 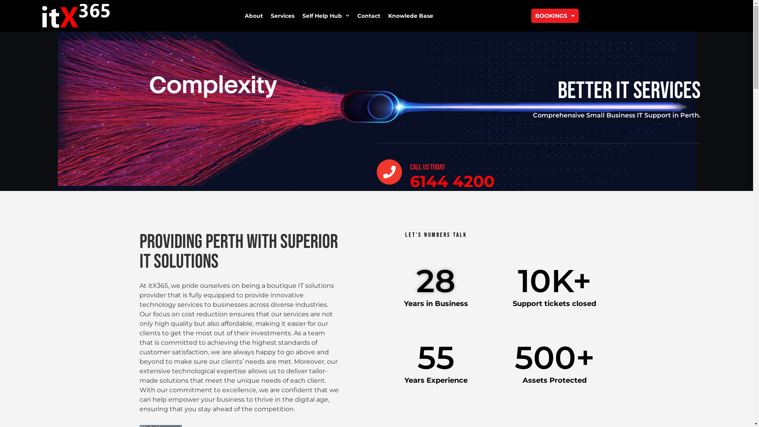 I want to click on 'Self Help Hub', so click(x=326, y=15).